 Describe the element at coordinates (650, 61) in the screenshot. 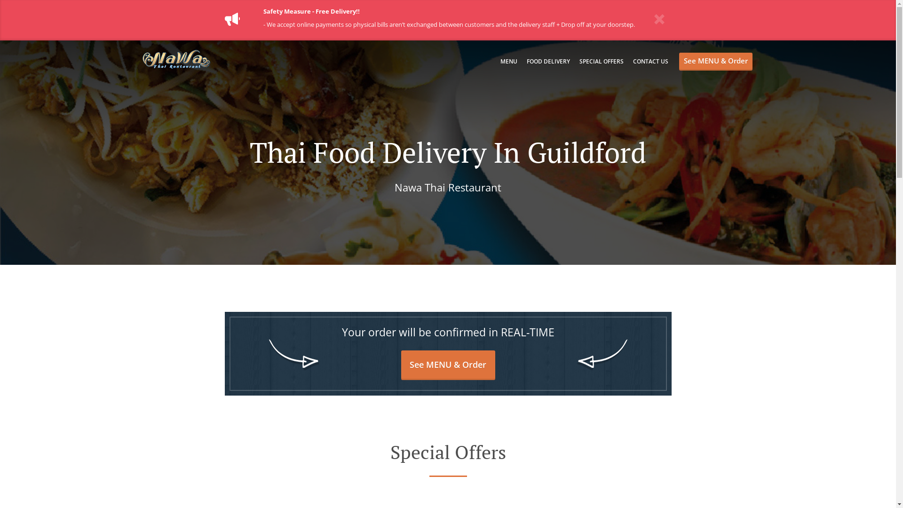

I see `'CONTACT US'` at that location.